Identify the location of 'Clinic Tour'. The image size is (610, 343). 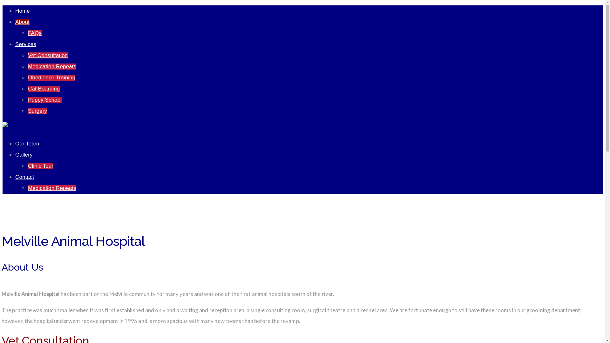
(27, 165).